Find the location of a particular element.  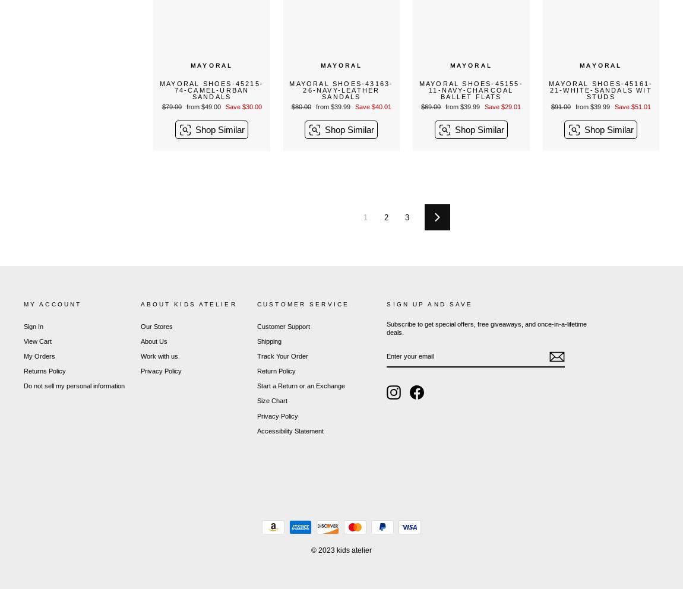

'Save $51.01' is located at coordinates (632, 105).